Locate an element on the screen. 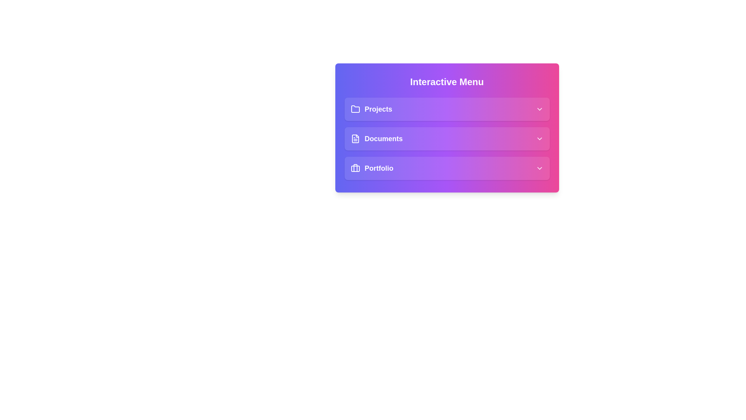 The width and height of the screenshot is (746, 420). the 'Documents' menu item, which is the second item in a vertical list of three menu options, located directly below 'Projects' and above 'Portfolio' is located at coordinates (376, 138).